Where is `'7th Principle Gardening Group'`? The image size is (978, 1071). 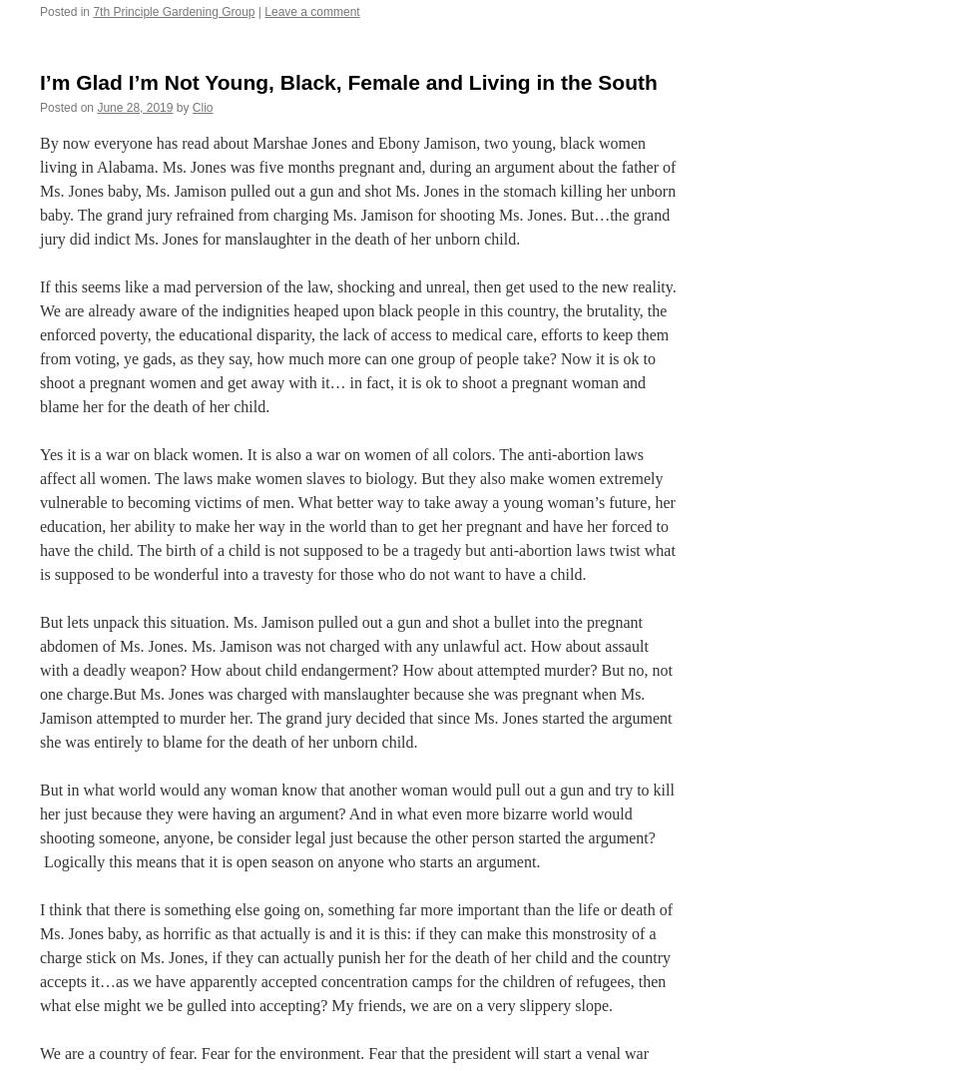
'7th Principle Gardening Group' is located at coordinates (174, 10).